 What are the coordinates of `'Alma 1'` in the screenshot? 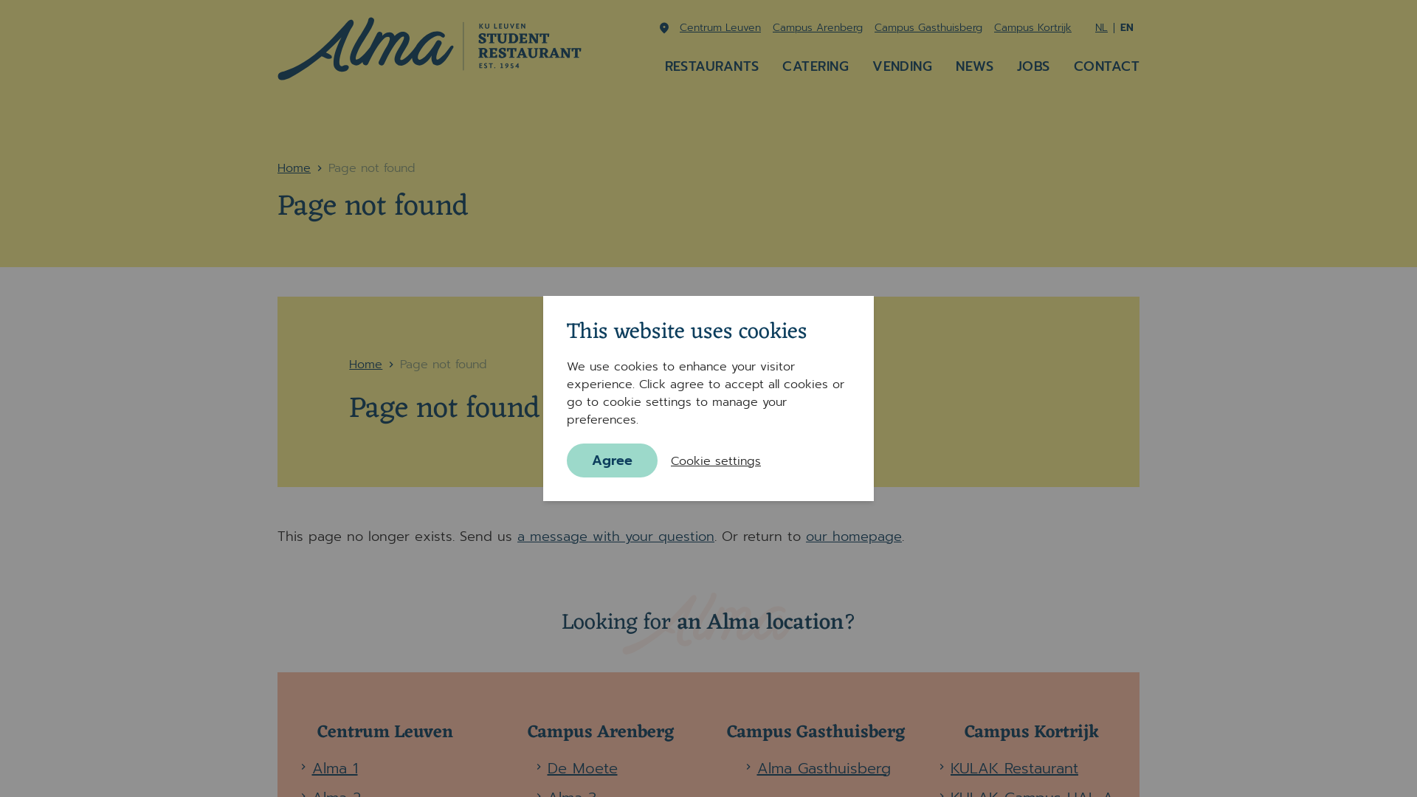 It's located at (333, 767).